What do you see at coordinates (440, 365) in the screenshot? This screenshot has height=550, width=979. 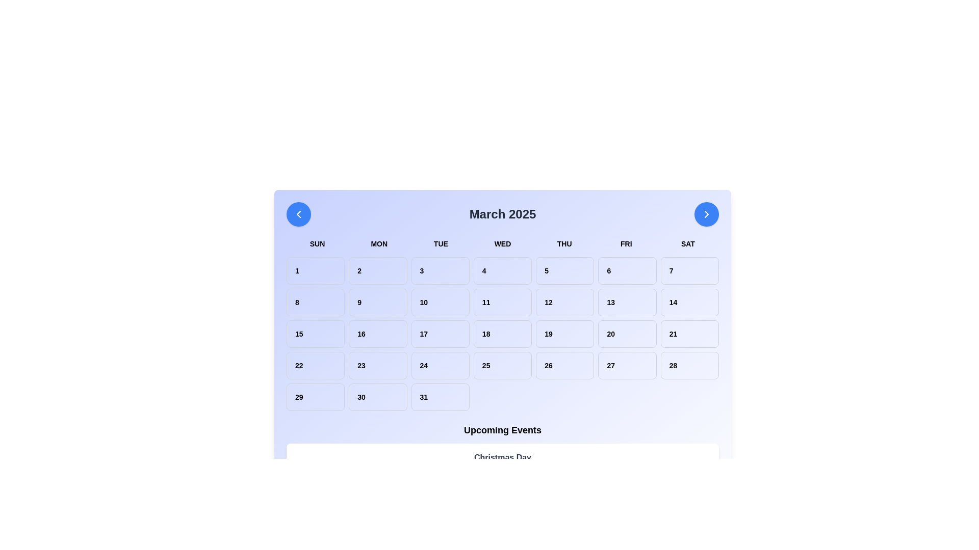 I see `the Interactive calendar day button labeled '24'` at bounding box center [440, 365].